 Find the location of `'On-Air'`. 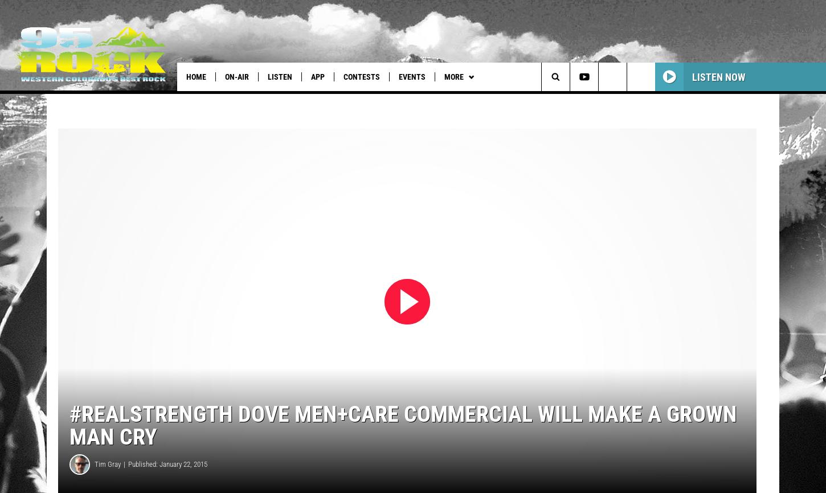

'On-Air' is located at coordinates (236, 77).